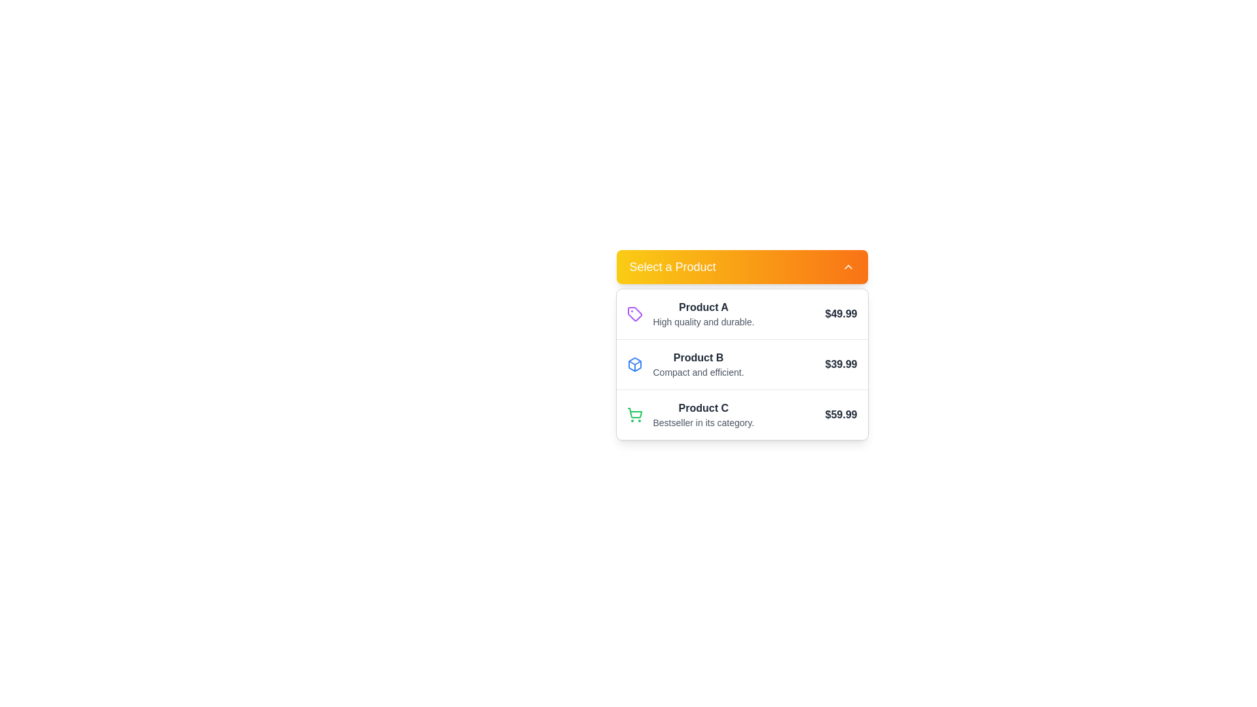 This screenshot has width=1257, height=707. I want to click on the price label for 'Product C' to potentially reveal additional information about the price, so click(841, 414).